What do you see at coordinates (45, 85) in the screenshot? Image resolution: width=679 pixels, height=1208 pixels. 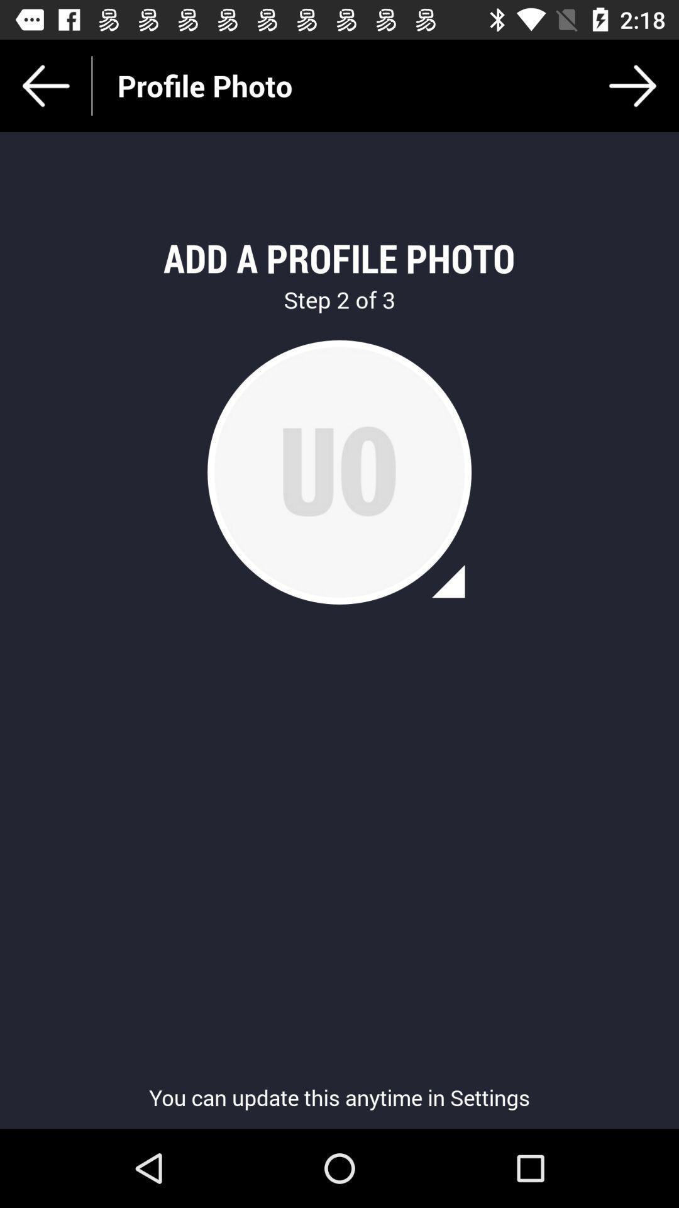 I see `the arrow_backward icon` at bounding box center [45, 85].